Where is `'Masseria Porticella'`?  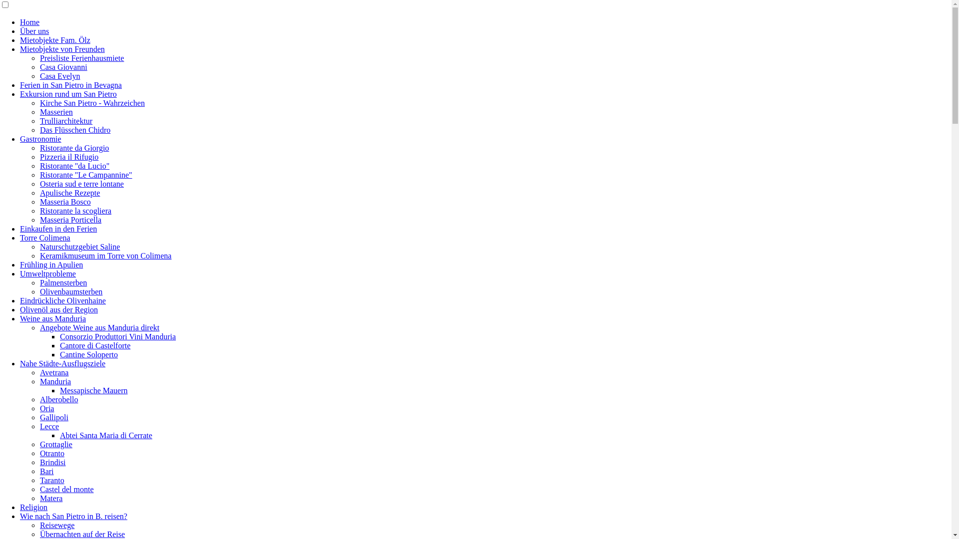
'Masseria Porticella' is located at coordinates (40, 219).